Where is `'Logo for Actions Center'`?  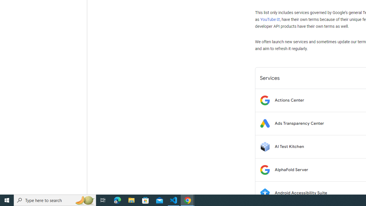
'Logo for Actions Center' is located at coordinates (264, 100).